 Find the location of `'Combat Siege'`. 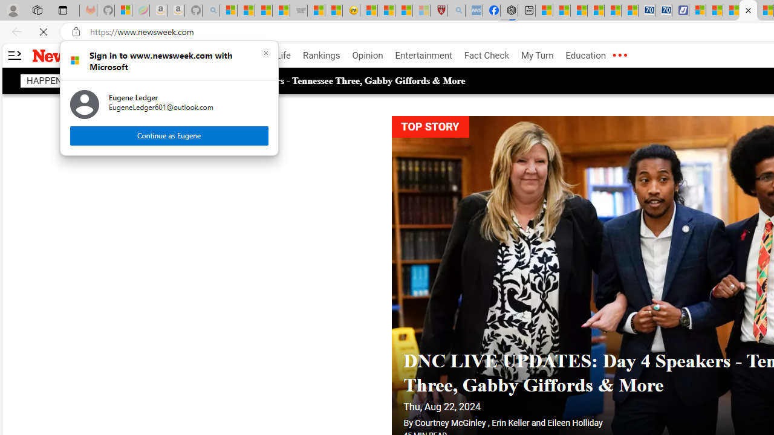

'Combat Siege' is located at coordinates (299, 10).